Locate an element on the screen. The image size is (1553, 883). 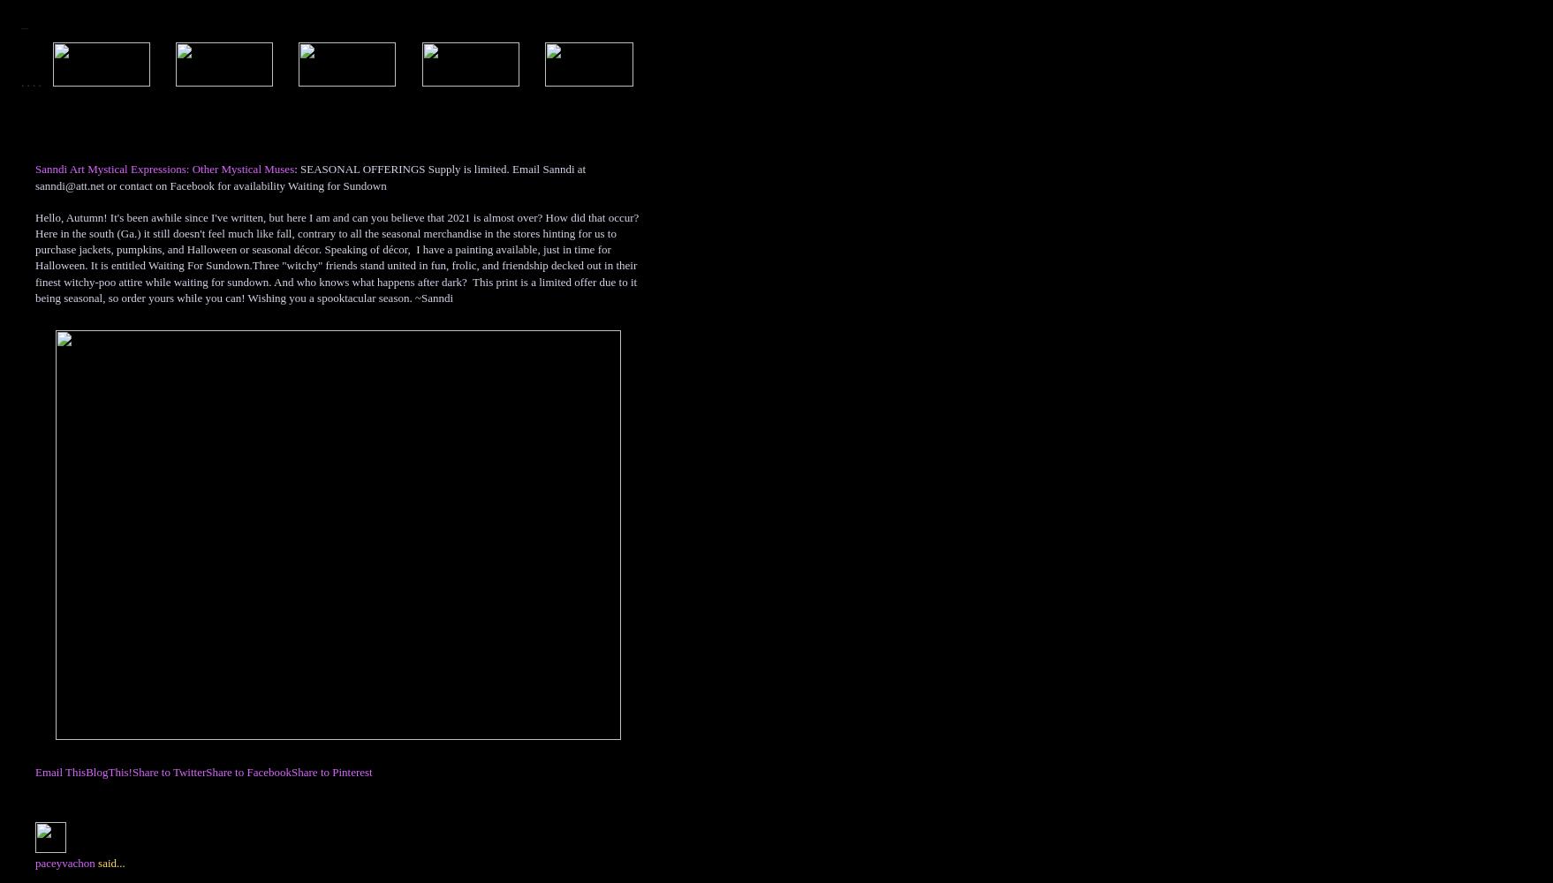
'Hello, Autumn! It's been awhile since I've written, but here I am and can you believe that 2021 is almost over? How did that occur? Here in the south (Ga.) it still doesn't feel much like fall, contrary to all the seasonal merchandise in the stores hinting for us to purchase jackets, pumpkins, and Halloween or seasonal décor. Speaking of décor,  I have a painting available, just in time for Halloween. It is entitled Waiting For Sundown.Three "witchy" friends stand united in fun, frolic, and friendship decked out in their finest witchy-poo attire while waiting for sundown. And who knows what happens after dark?  This print is a limited offer due to it being seasonal, so order yours while you can! Wishing you a spooktacular season. ~Sanndi' is located at coordinates (337, 257).